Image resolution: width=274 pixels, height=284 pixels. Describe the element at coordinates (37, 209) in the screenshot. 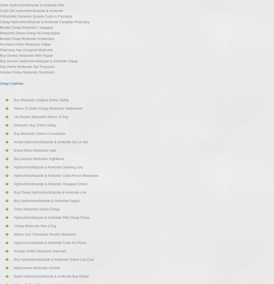

I see `'Order Moduretic Online Cheap'` at that location.